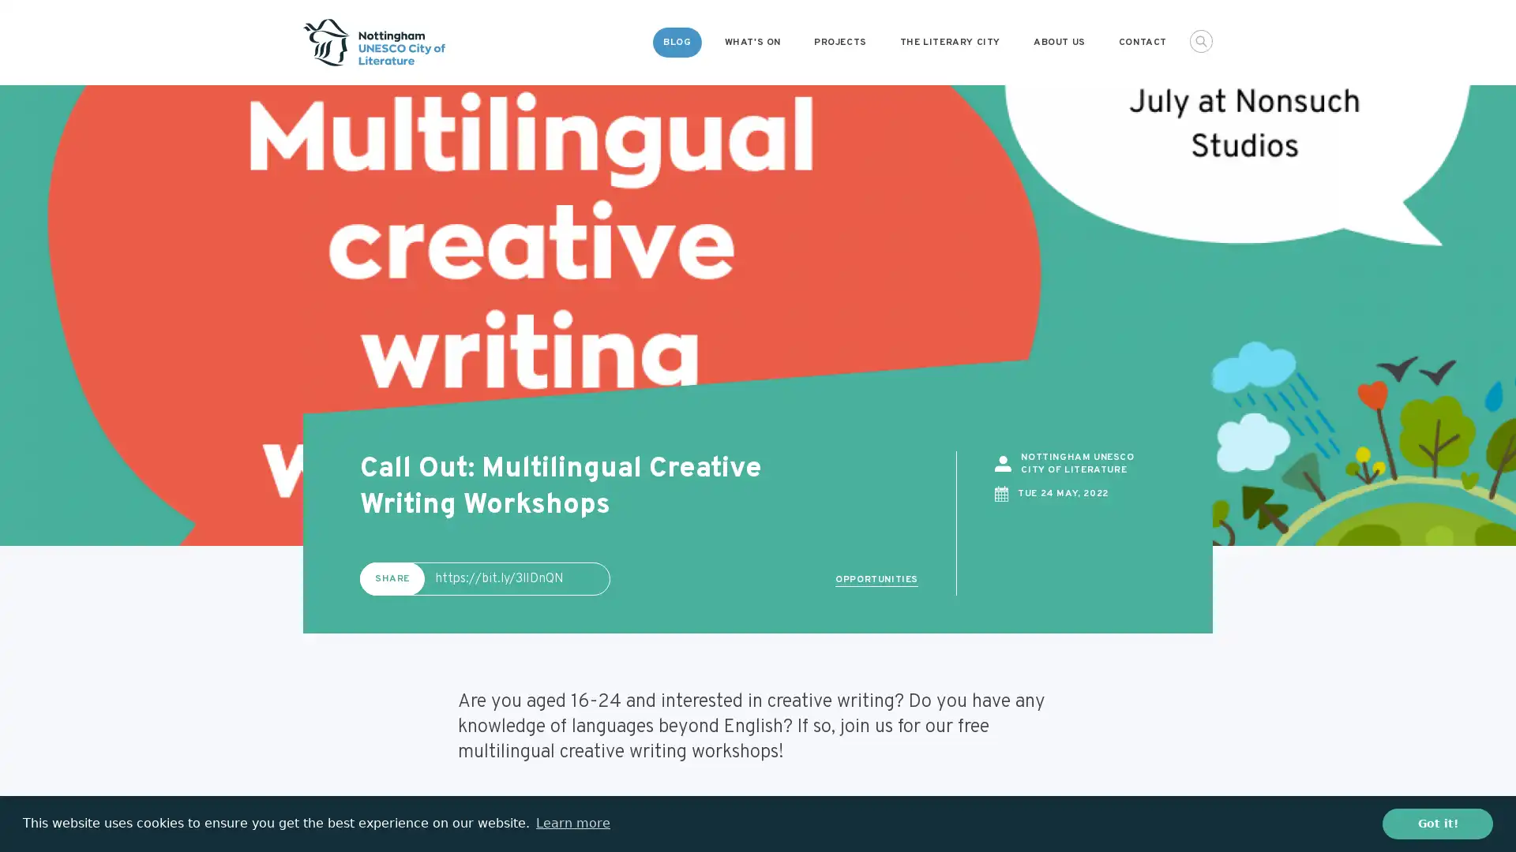  Describe the element at coordinates (572, 823) in the screenshot. I see `learn more about cookies` at that location.